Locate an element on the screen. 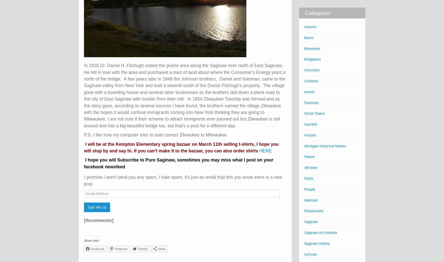 The image size is (444, 262). 'Contests' is located at coordinates (311, 80).